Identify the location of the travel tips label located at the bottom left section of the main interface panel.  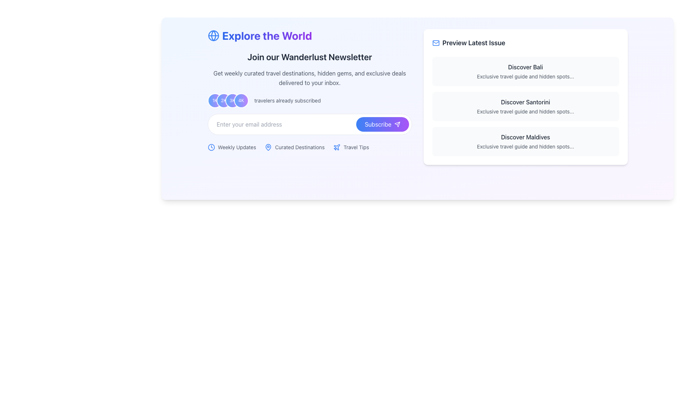
(351, 147).